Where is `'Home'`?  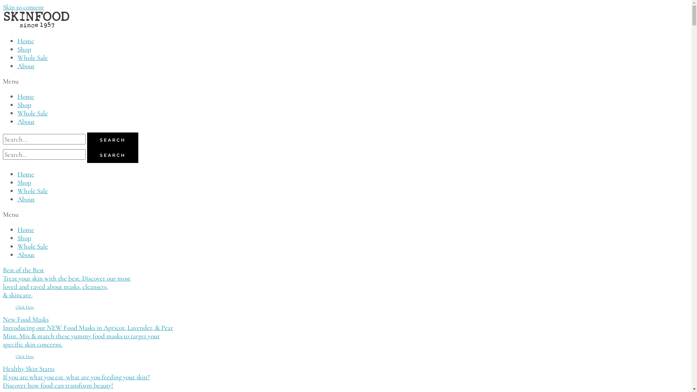
'Home' is located at coordinates (17, 229).